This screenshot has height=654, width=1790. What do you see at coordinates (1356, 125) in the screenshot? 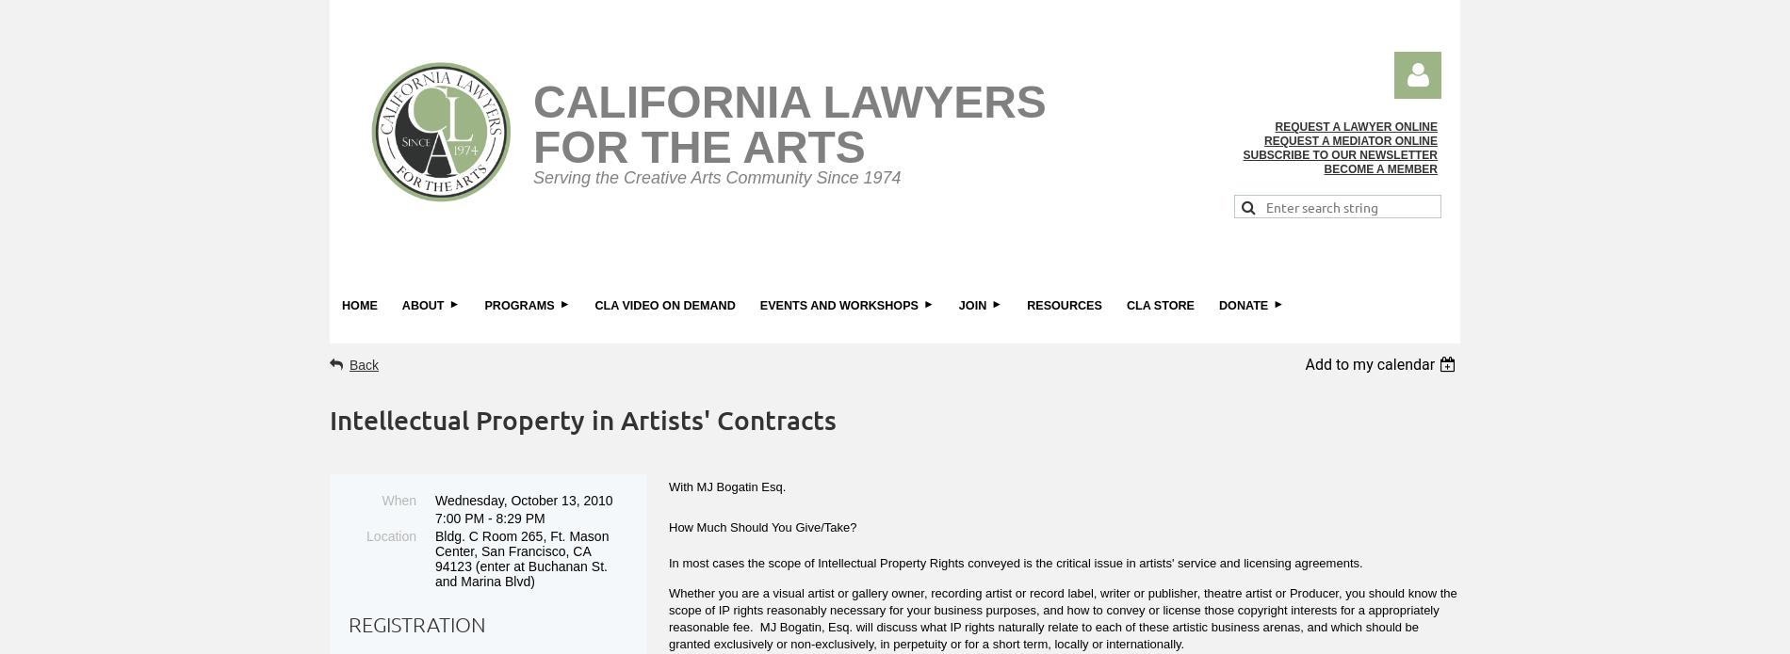
I see `'REQUEST A LAWYER ONLINE'` at bounding box center [1356, 125].